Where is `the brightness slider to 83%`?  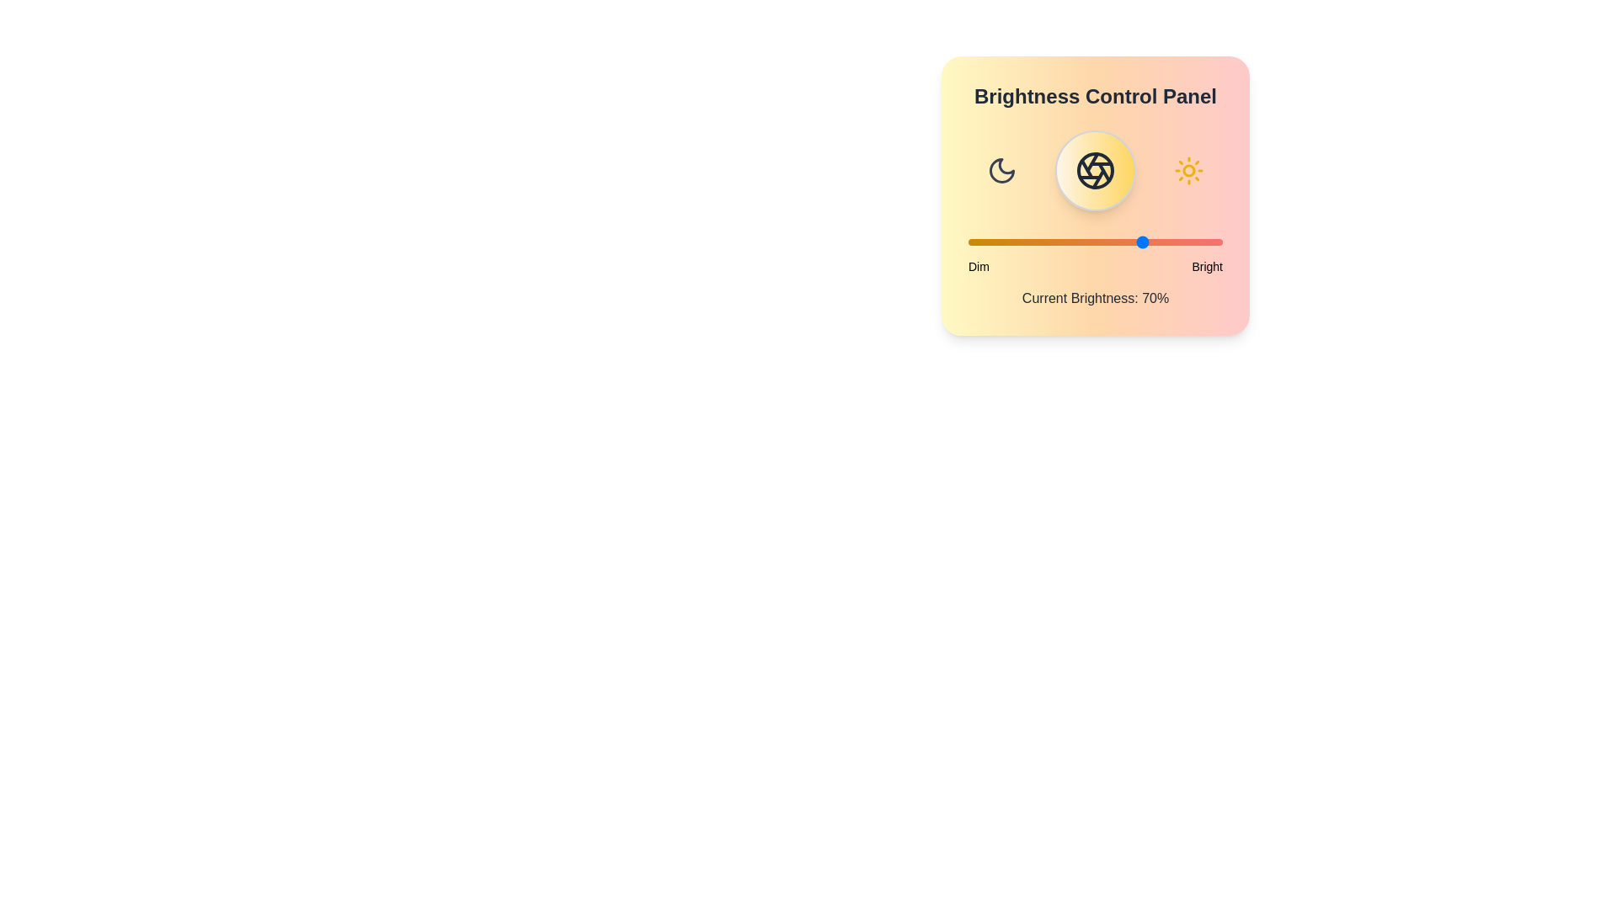
the brightness slider to 83% is located at coordinates (1178, 242).